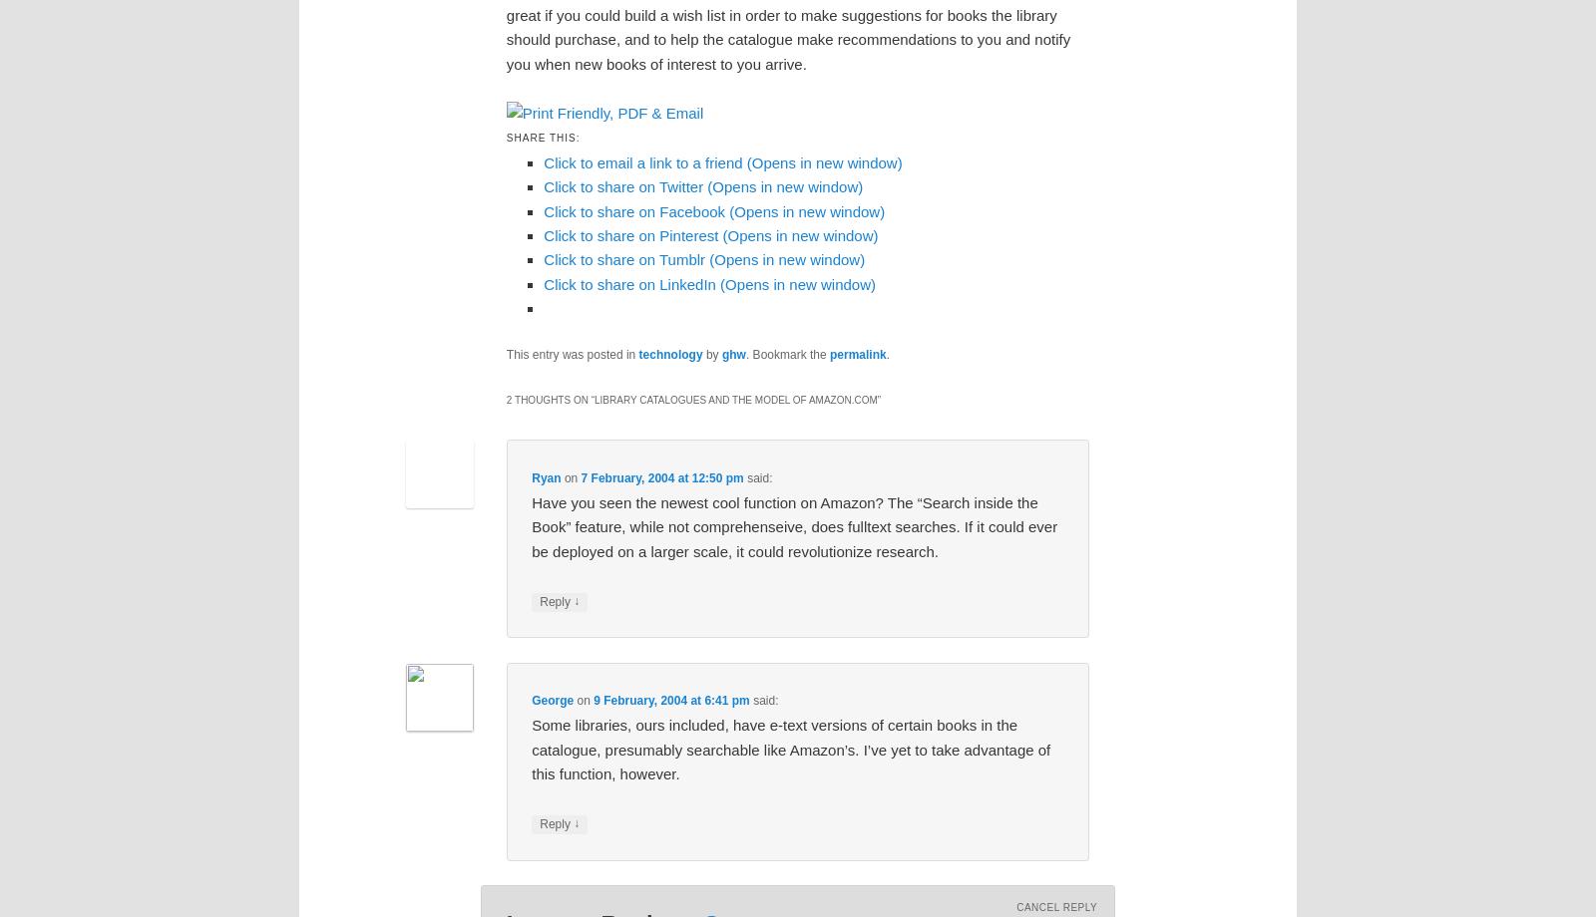 The height and width of the screenshot is (917, 1596). Describe the element at coordinates (704, 259) in the screenshot. I see `'Click to share on Tumblr (Opens in new window)'` at that location.